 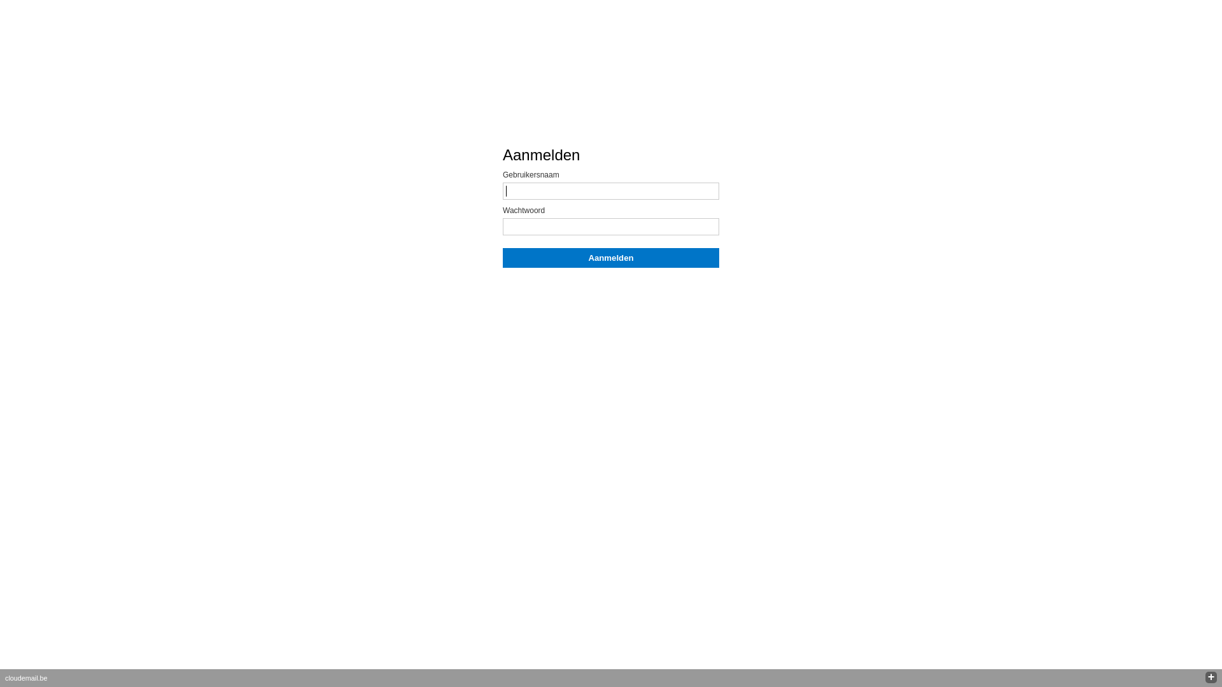 What do you see at coordinates (1210, 676) in the screenshot?
I see `'+'` at bounding box center [1210, 676].